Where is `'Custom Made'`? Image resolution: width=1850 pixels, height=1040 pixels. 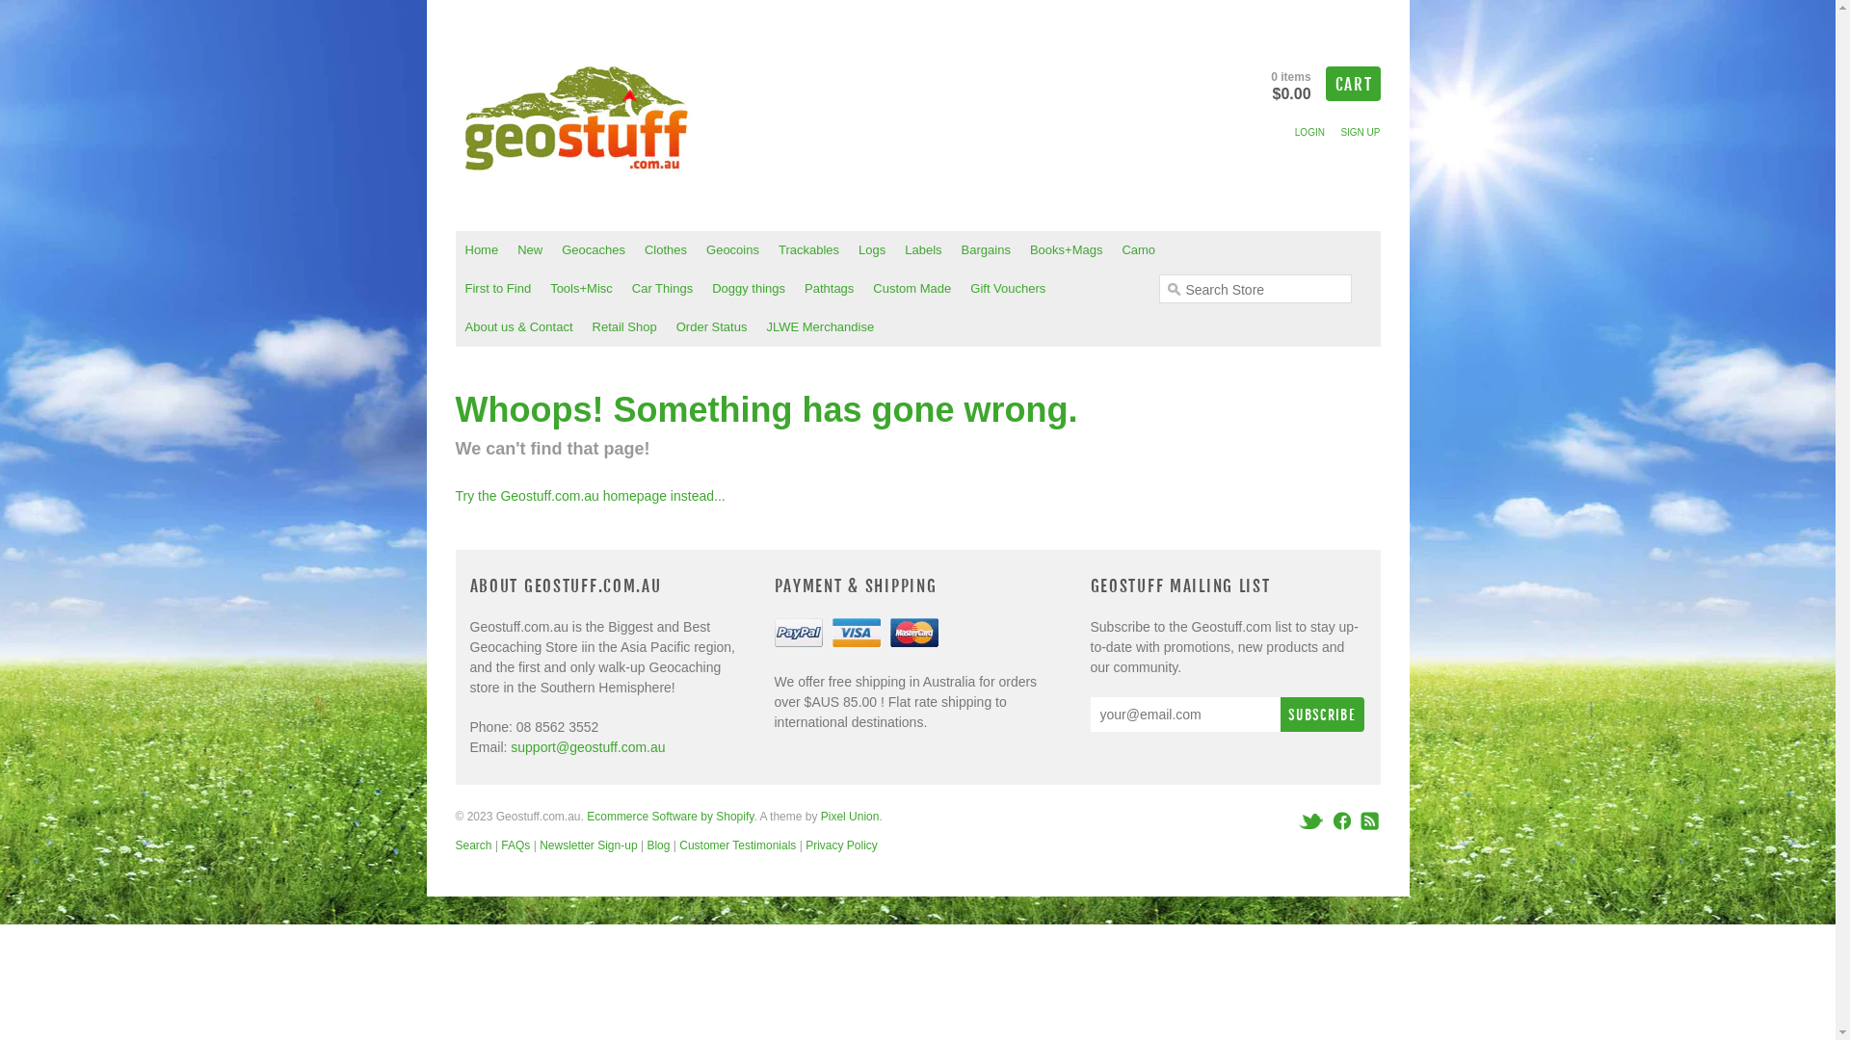
'Custom Made' is located at coordinates (911, 289).